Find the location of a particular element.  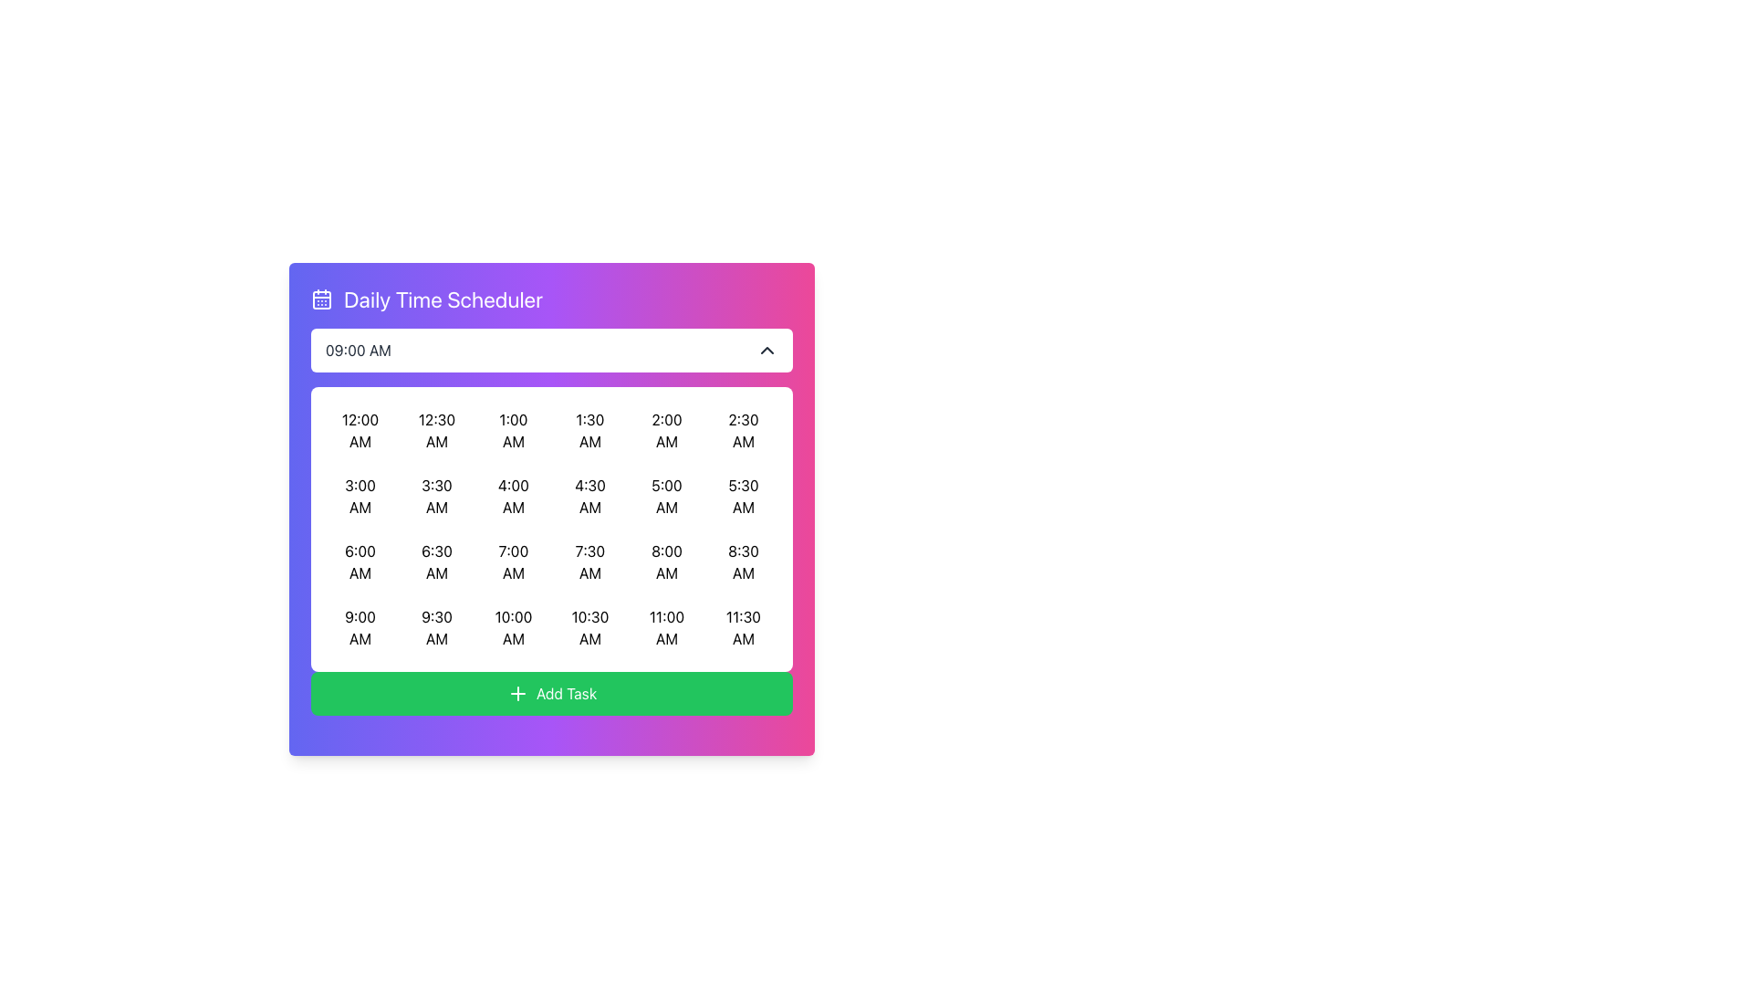

the time slot button representing '4:00 AM' in the scheduler interface is located at coordinates (512, 496).